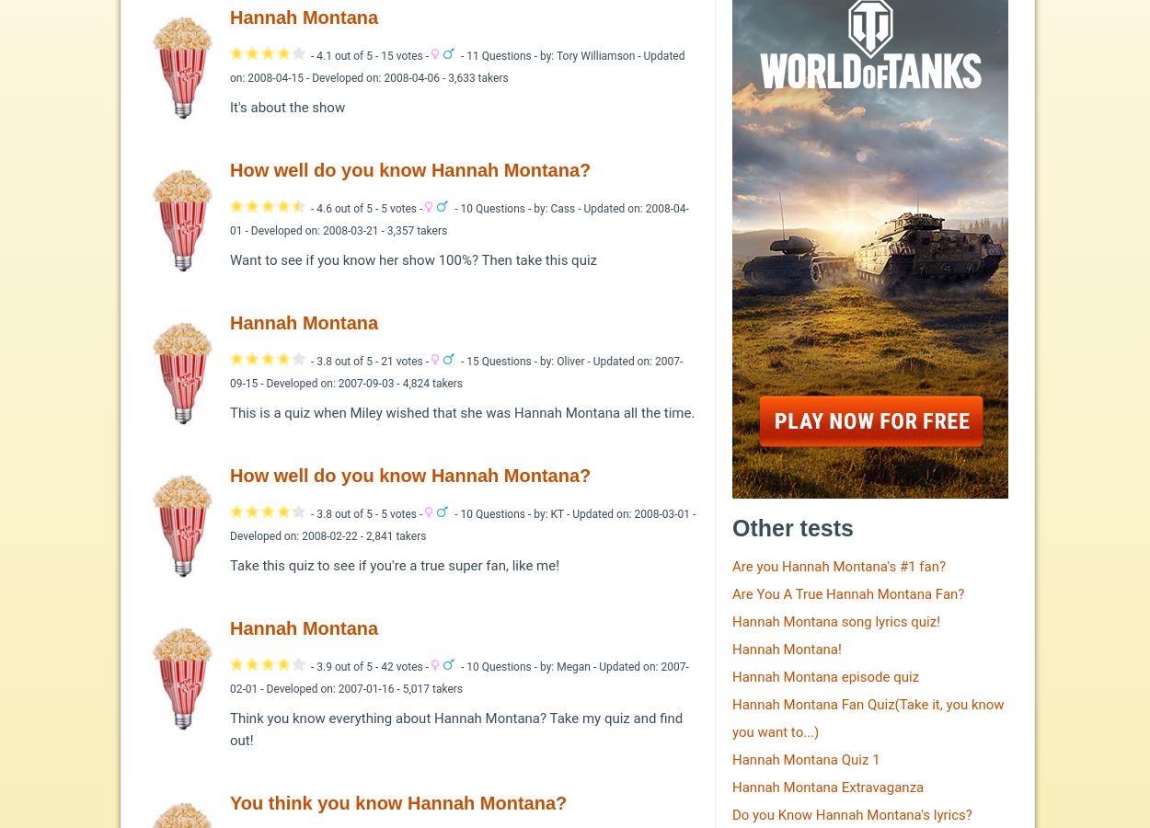 The height and width of the screenshot is (828, 1150). What do you see at coordinates (867, 718) in the screenshot?
I see `'Hannah Montana Fan Quiz(Take it, you know you want to...)'` at bounding box center [867, 718].